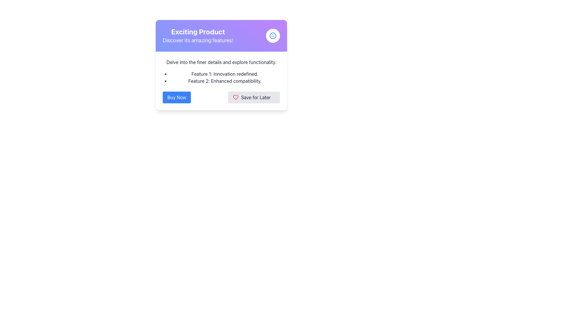 The image size is (563, 317). I want to click on the text item displaying the product feature about enhanced compatibility, so click(225, 81).